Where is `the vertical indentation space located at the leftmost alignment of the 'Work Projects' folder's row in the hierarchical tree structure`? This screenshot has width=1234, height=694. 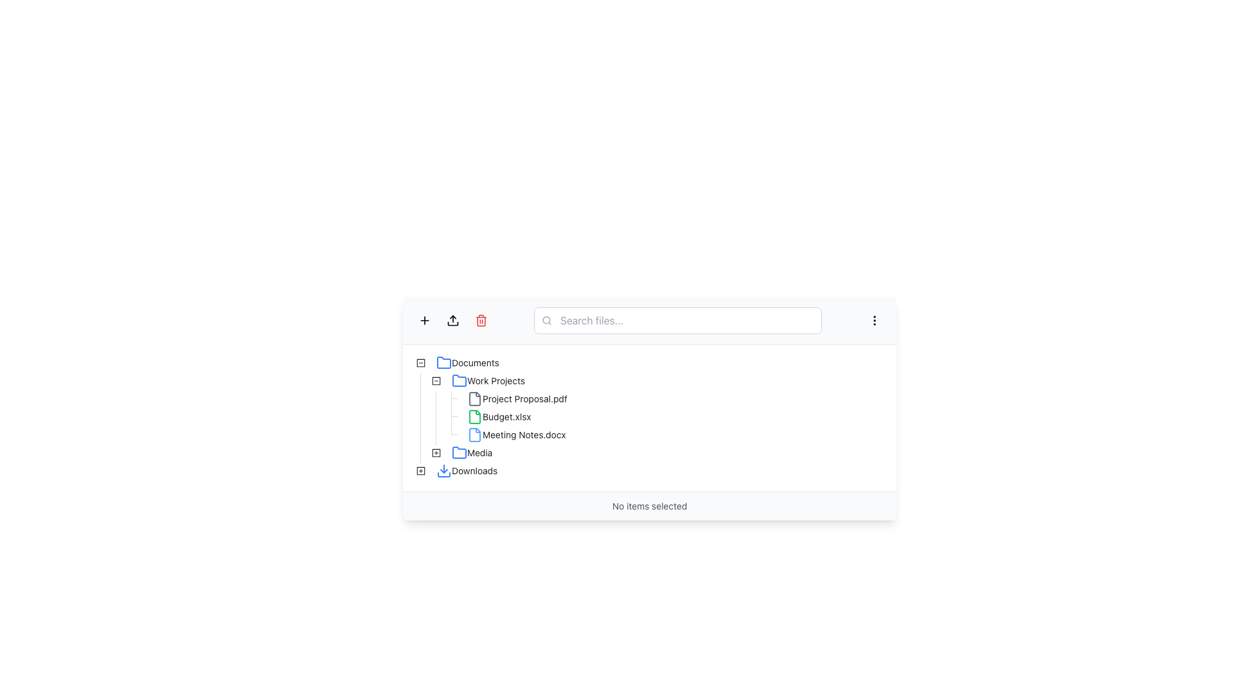 the vertical indentation space located at the leftmost alignment of the 'Work Projects' folder's row in the hierarchical tree structure is located at coordinates (420, 380).